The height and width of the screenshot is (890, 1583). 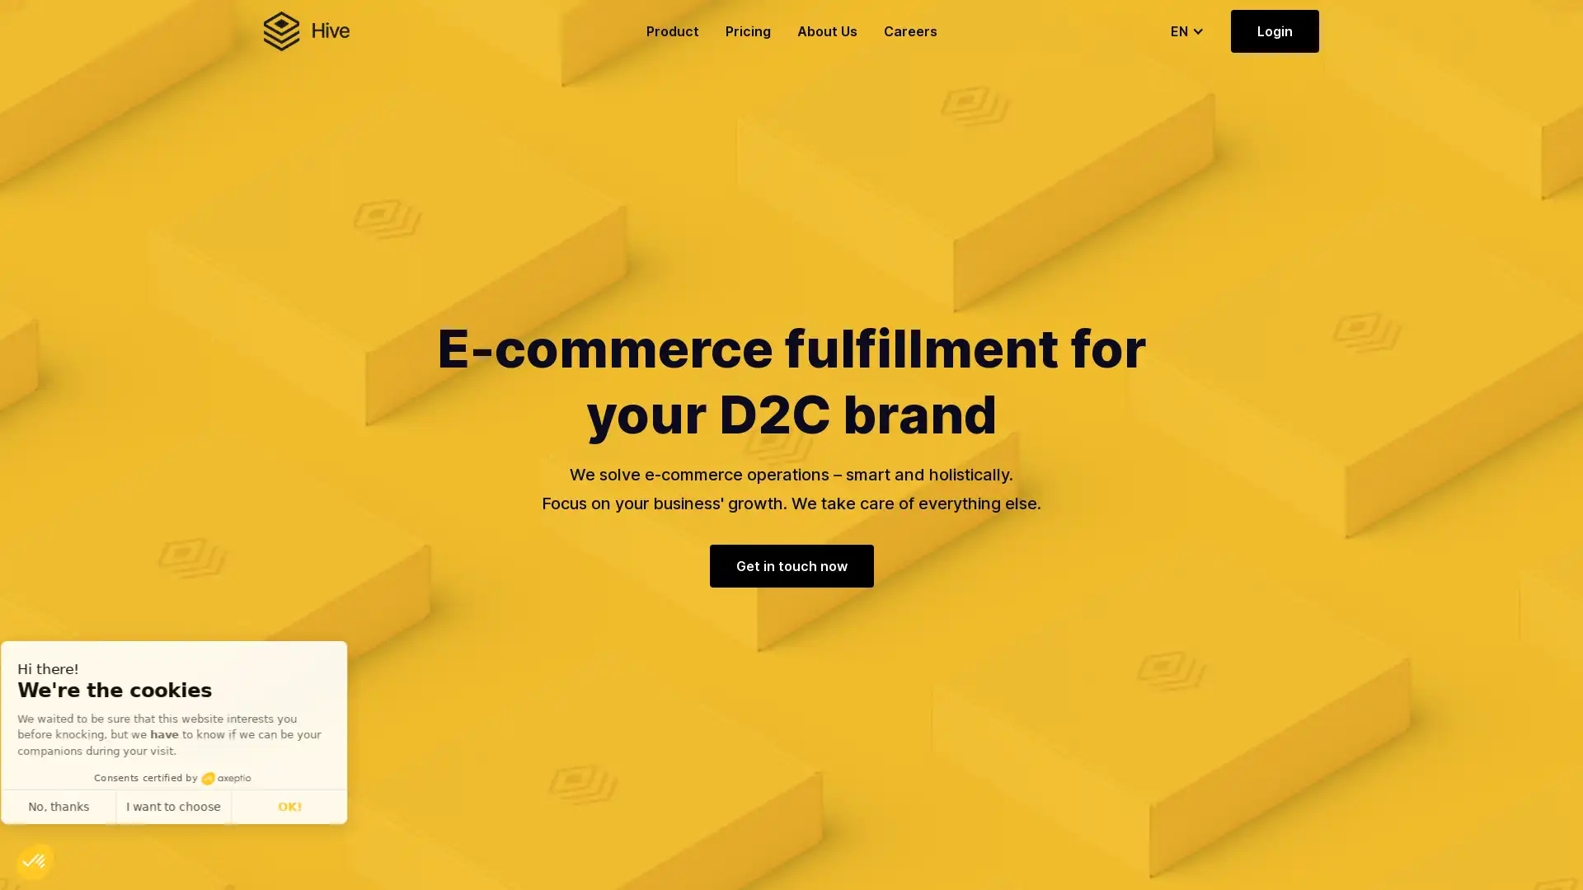 What do you see at coordinates (189, 778) in the screenshot?
I see `Consents certified by` at bounding box center [189, 778].